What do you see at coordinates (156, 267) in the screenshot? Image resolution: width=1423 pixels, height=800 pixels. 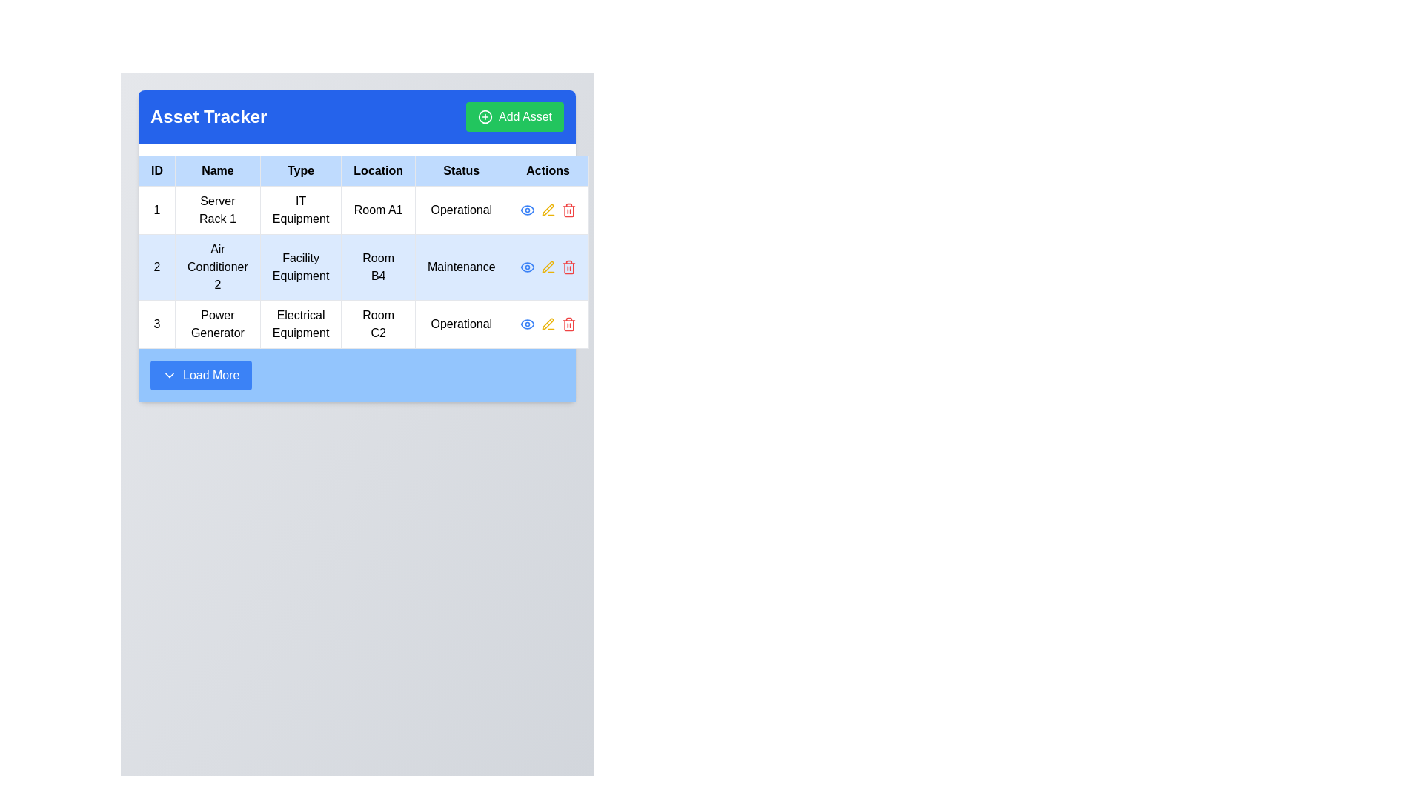 I see `the Text Display element representing the ID of the second item in the list, located in the second row and first column of the 'Asset Tracker' grid` at bounding box center [156, 267].